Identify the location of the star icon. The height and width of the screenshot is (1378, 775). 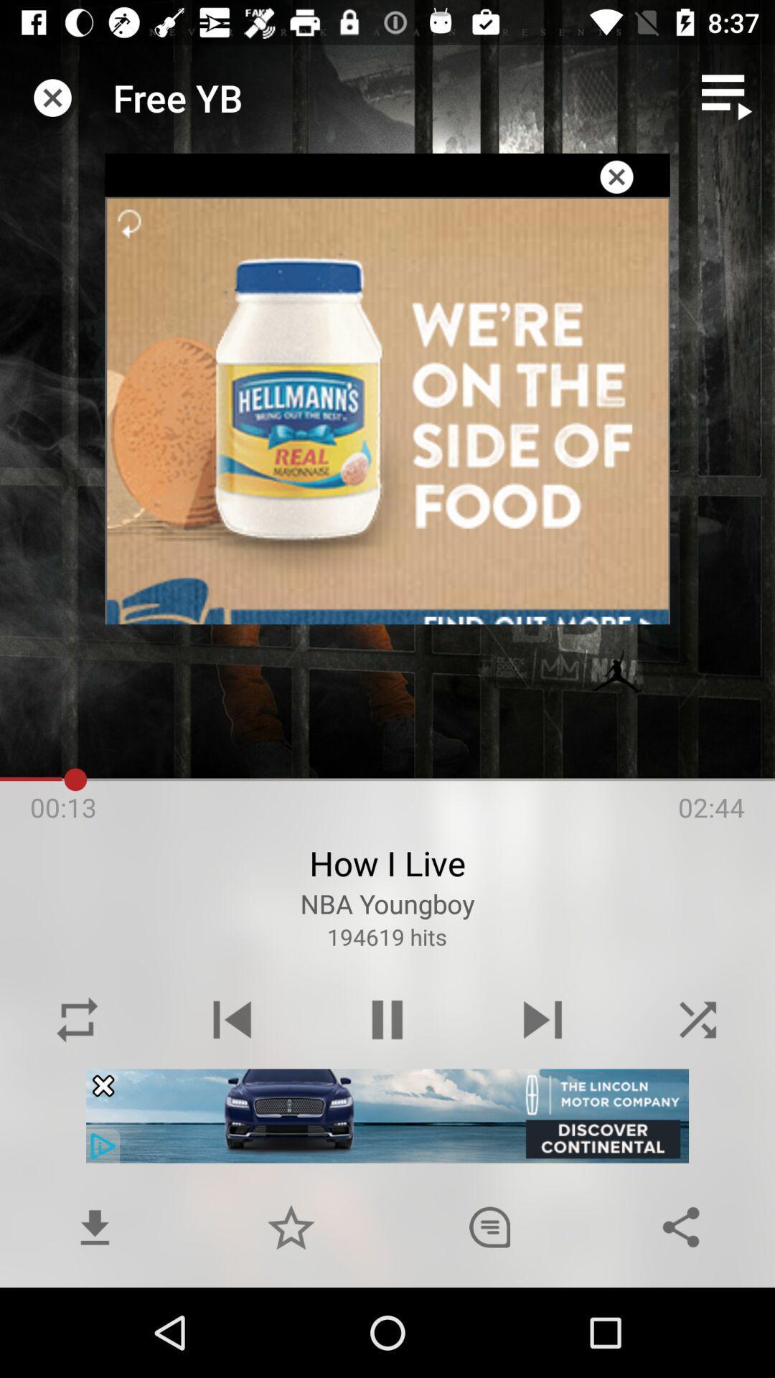
(291, 1226).